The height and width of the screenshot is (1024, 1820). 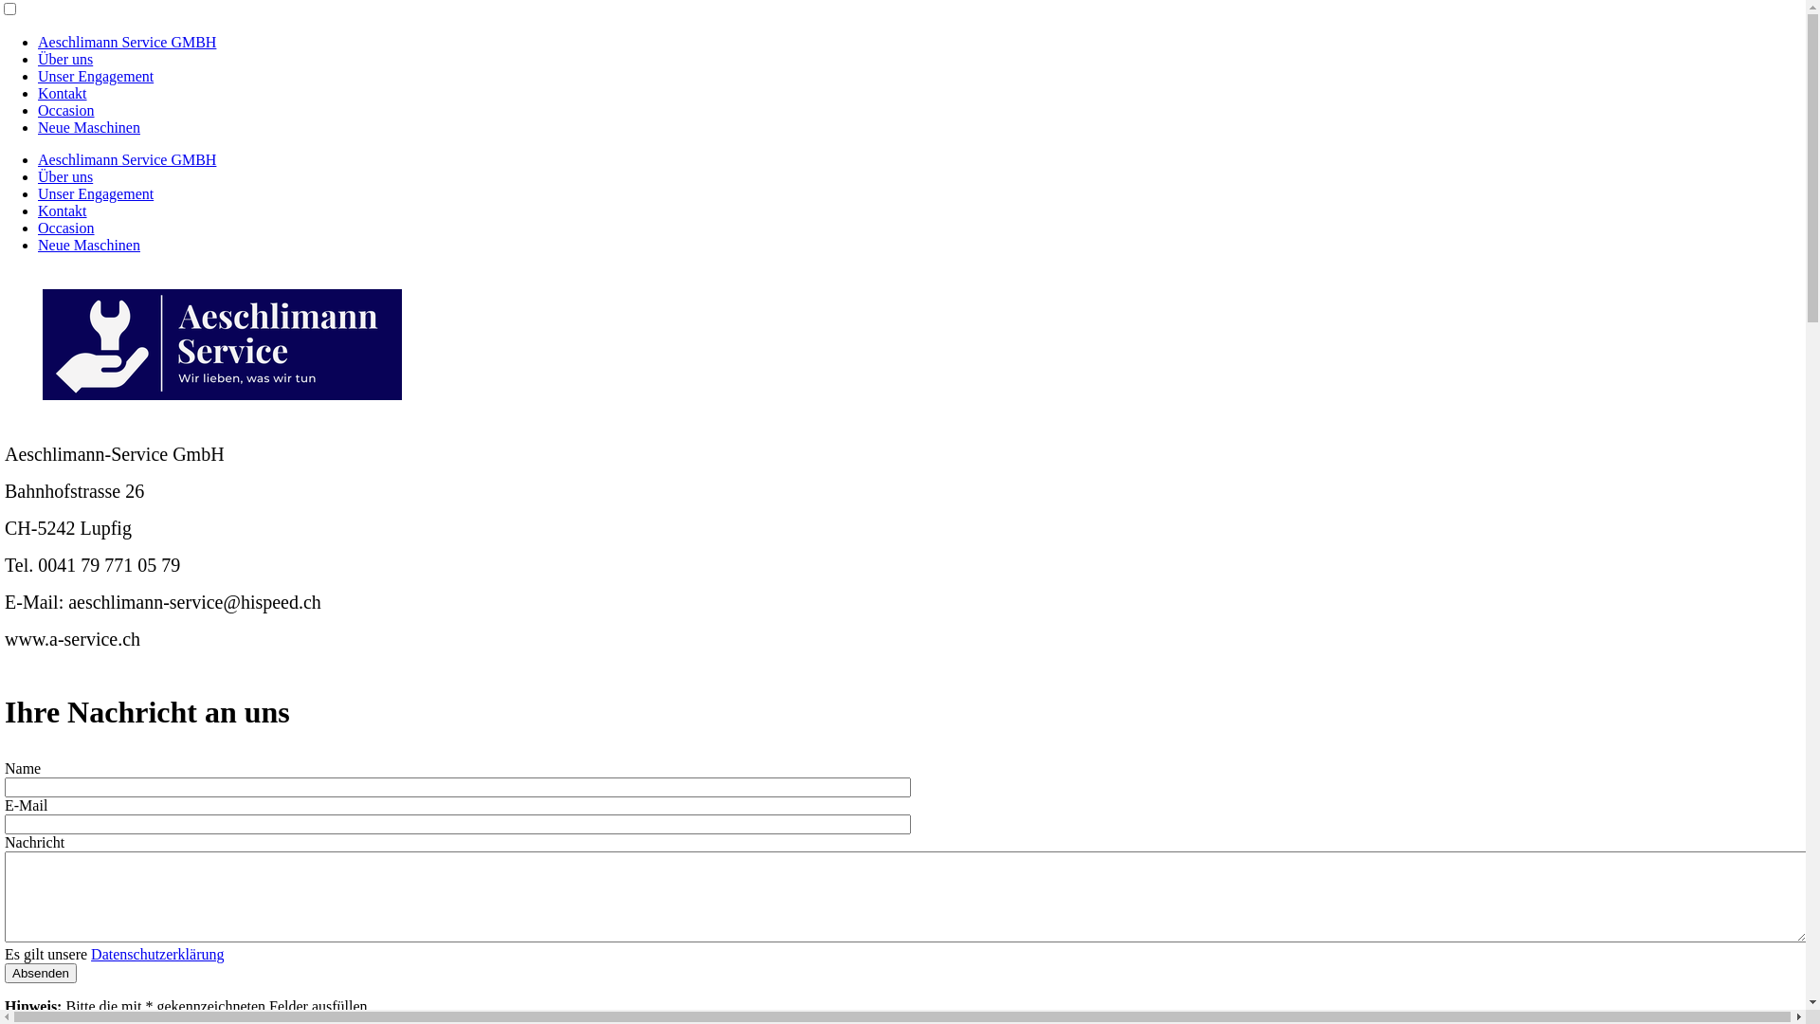 I want to click on 'Occasion', so click(x=66, y=110).